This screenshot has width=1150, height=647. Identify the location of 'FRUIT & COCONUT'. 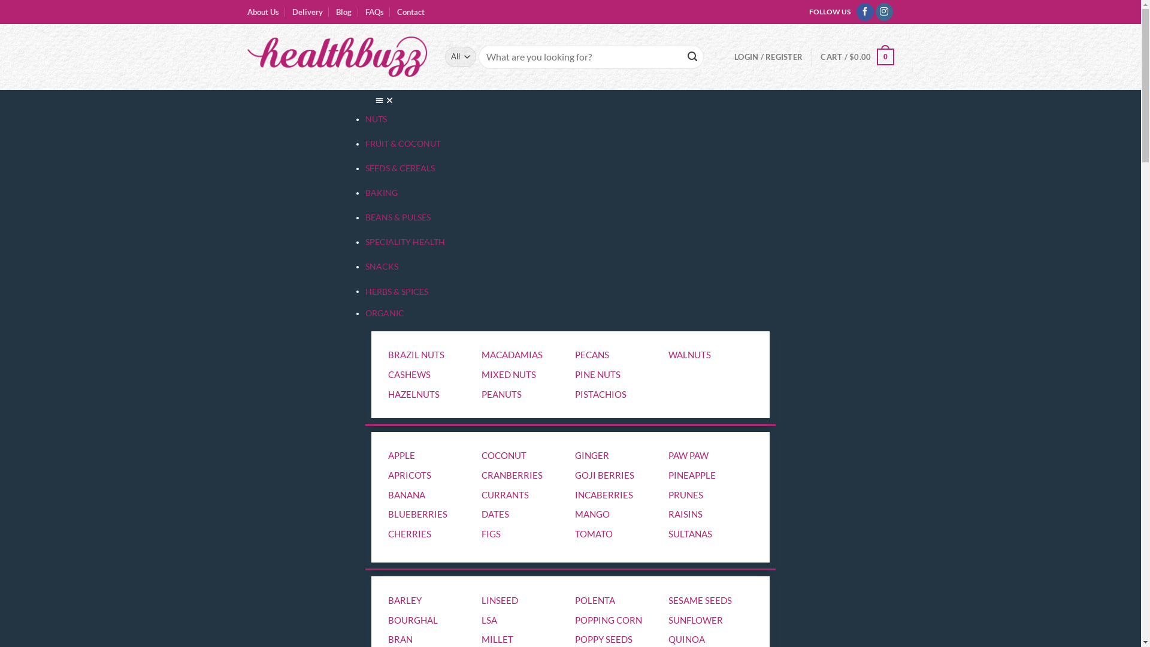
(404, 143).